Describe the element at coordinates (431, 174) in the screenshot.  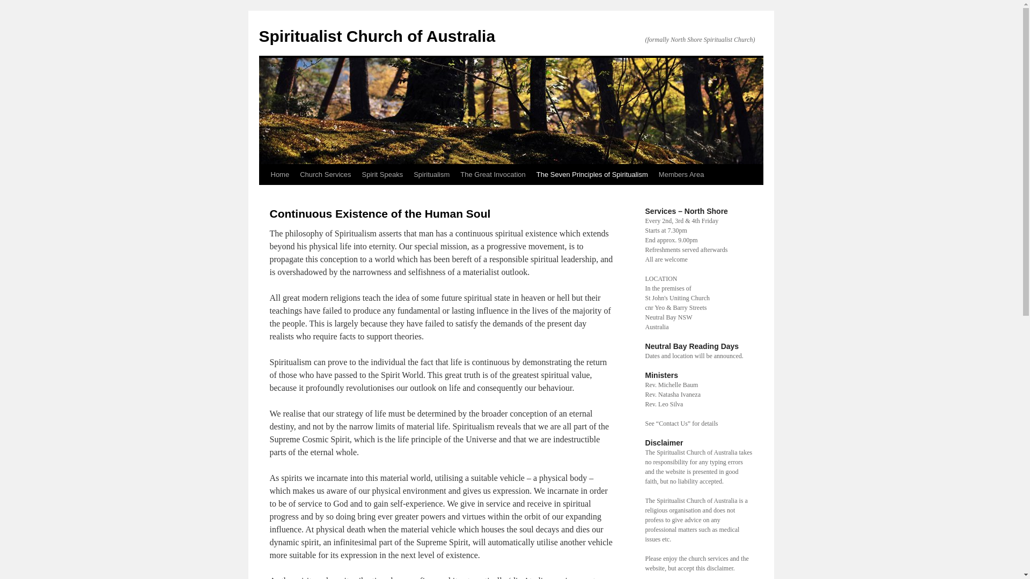
I see `'Spiritualism'` at that location.